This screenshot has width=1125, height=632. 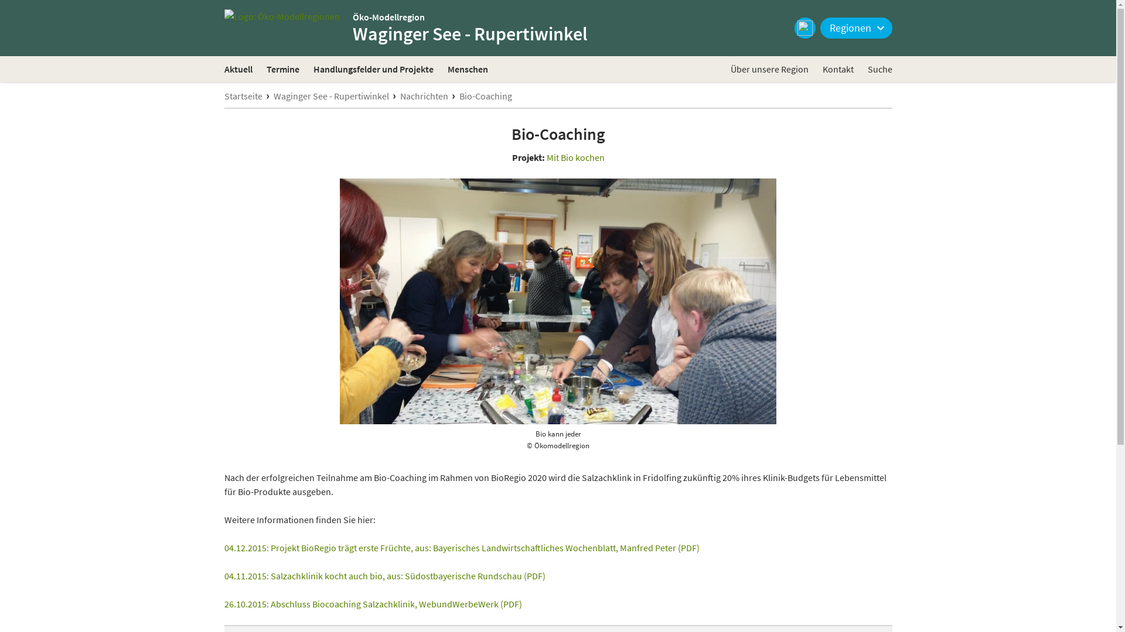 What do you see at coordinates (312, 69) in the screenshot?
I see `'Handlungsfelder und Projekte'` at bounding box center [312, 69].